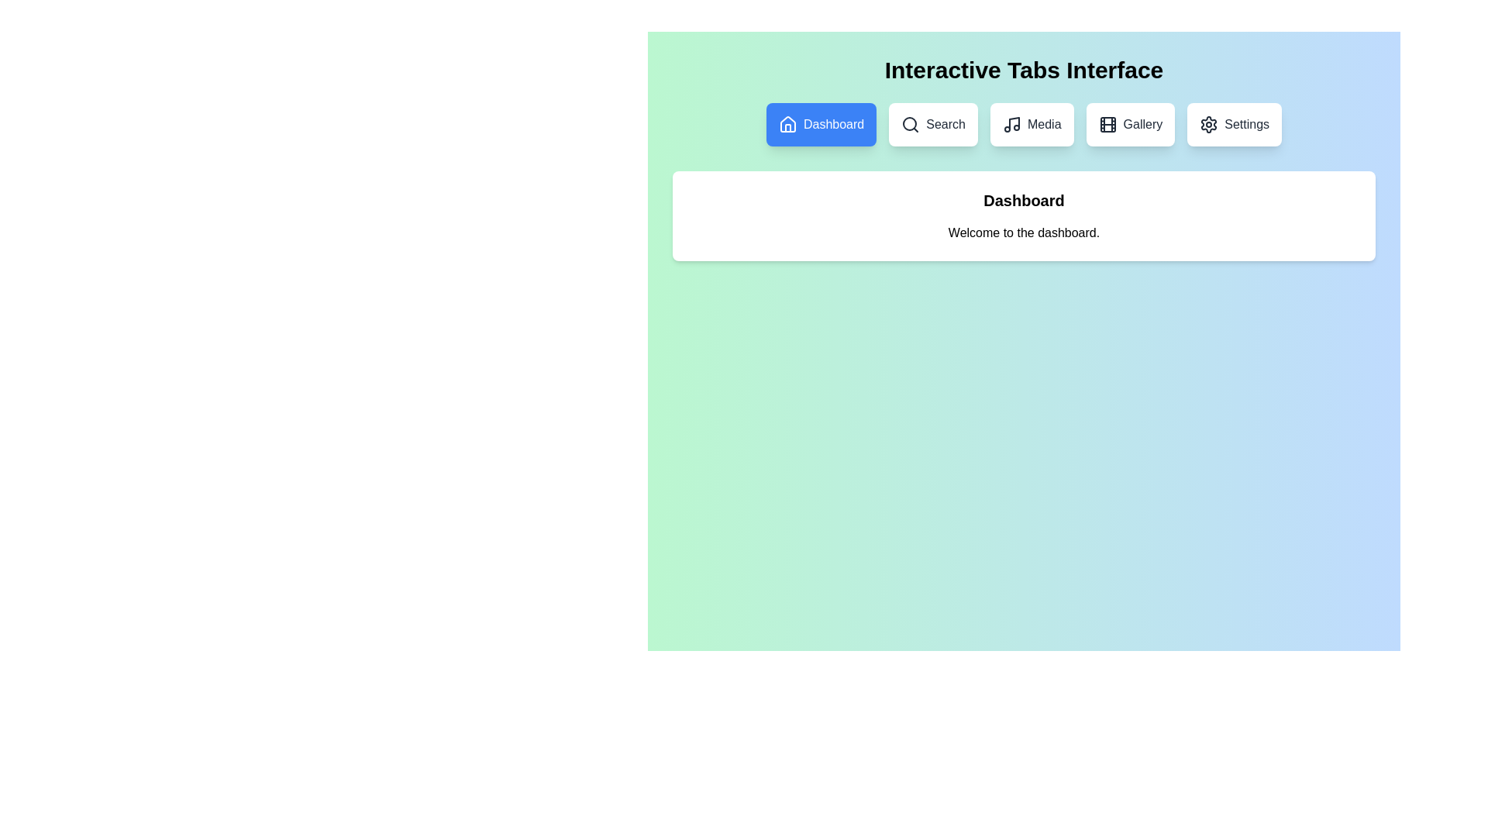 Image resolution: width=1488 pixels, height=837 pixels. What do you see at coordinates (1208, 124) in the screenshot?
I see `the settings icon located inside the 'Settings' button in the navigation bar at the top right of the interface, which is visually associated with configuration or customization options` at bounding box center [1208, 124].